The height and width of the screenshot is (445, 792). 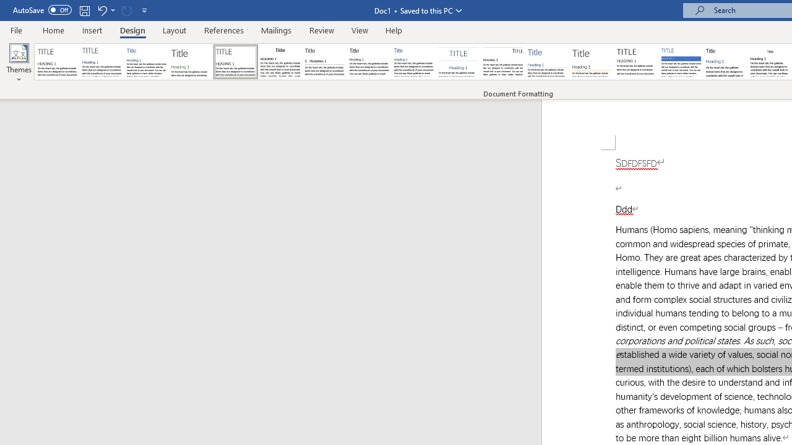 What do you see at coordinates (102, 62) in the screenshot?
I see `'Basic (Elegant)'` at bounding box center [102, 62].